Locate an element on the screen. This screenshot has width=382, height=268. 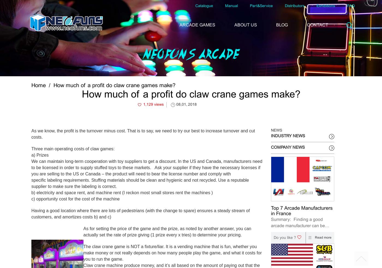
'BLOG' is located at coordinates (282, 25).